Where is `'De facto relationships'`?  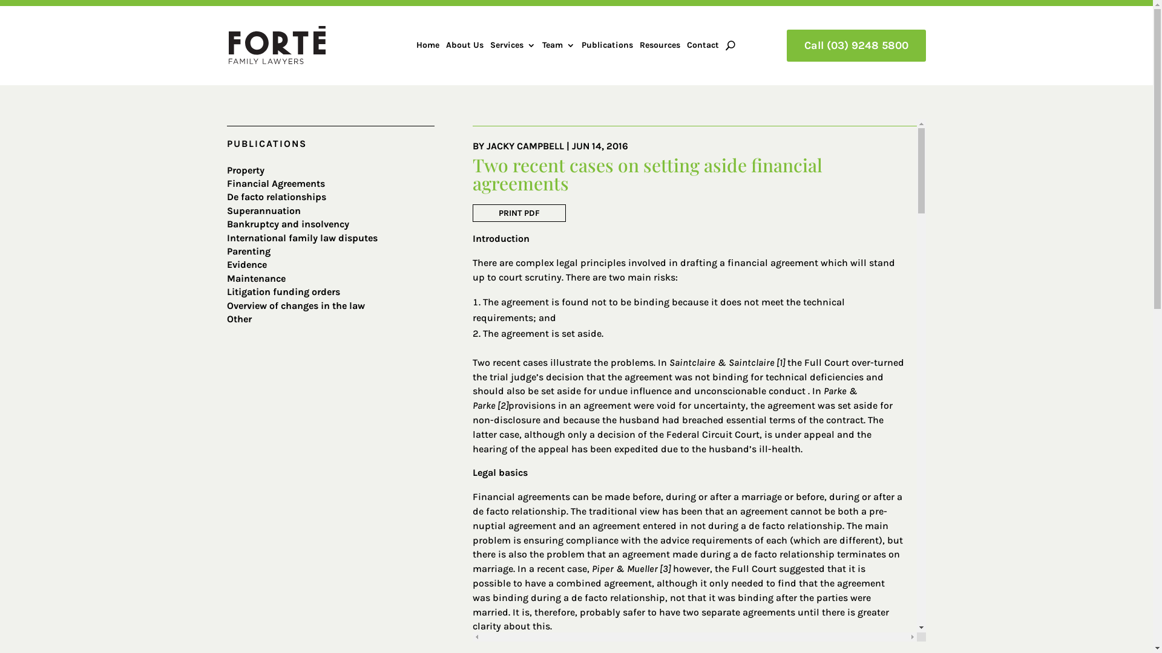 'De facto relationships' is located at coordinates (275, 196).